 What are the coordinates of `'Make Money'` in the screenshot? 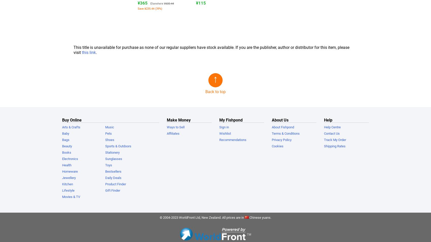 It's located at (178, 120).